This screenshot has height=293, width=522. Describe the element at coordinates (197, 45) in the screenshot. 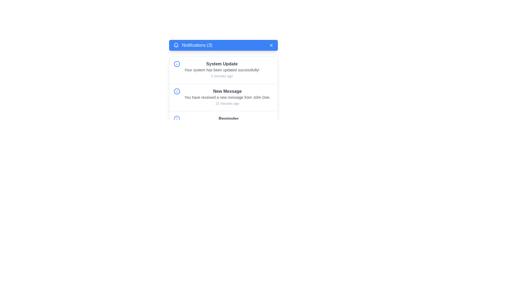

I see `the text element that displays 'Notifications (3)', styled in white on a blue background, located at the top-left of the interface, next to a bell icon` at that location.